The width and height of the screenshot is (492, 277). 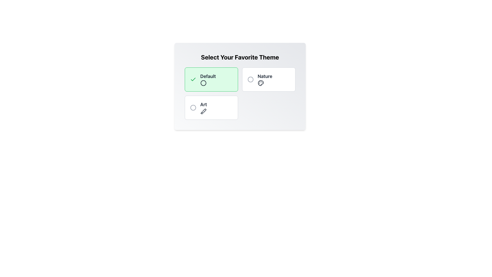 I want to click on the text label reading 'Default' styled with a gray font color located above a circular icon within the green-highlighted box in the 'Select Your Favorite Theme' section, so click(x=208, y=79).